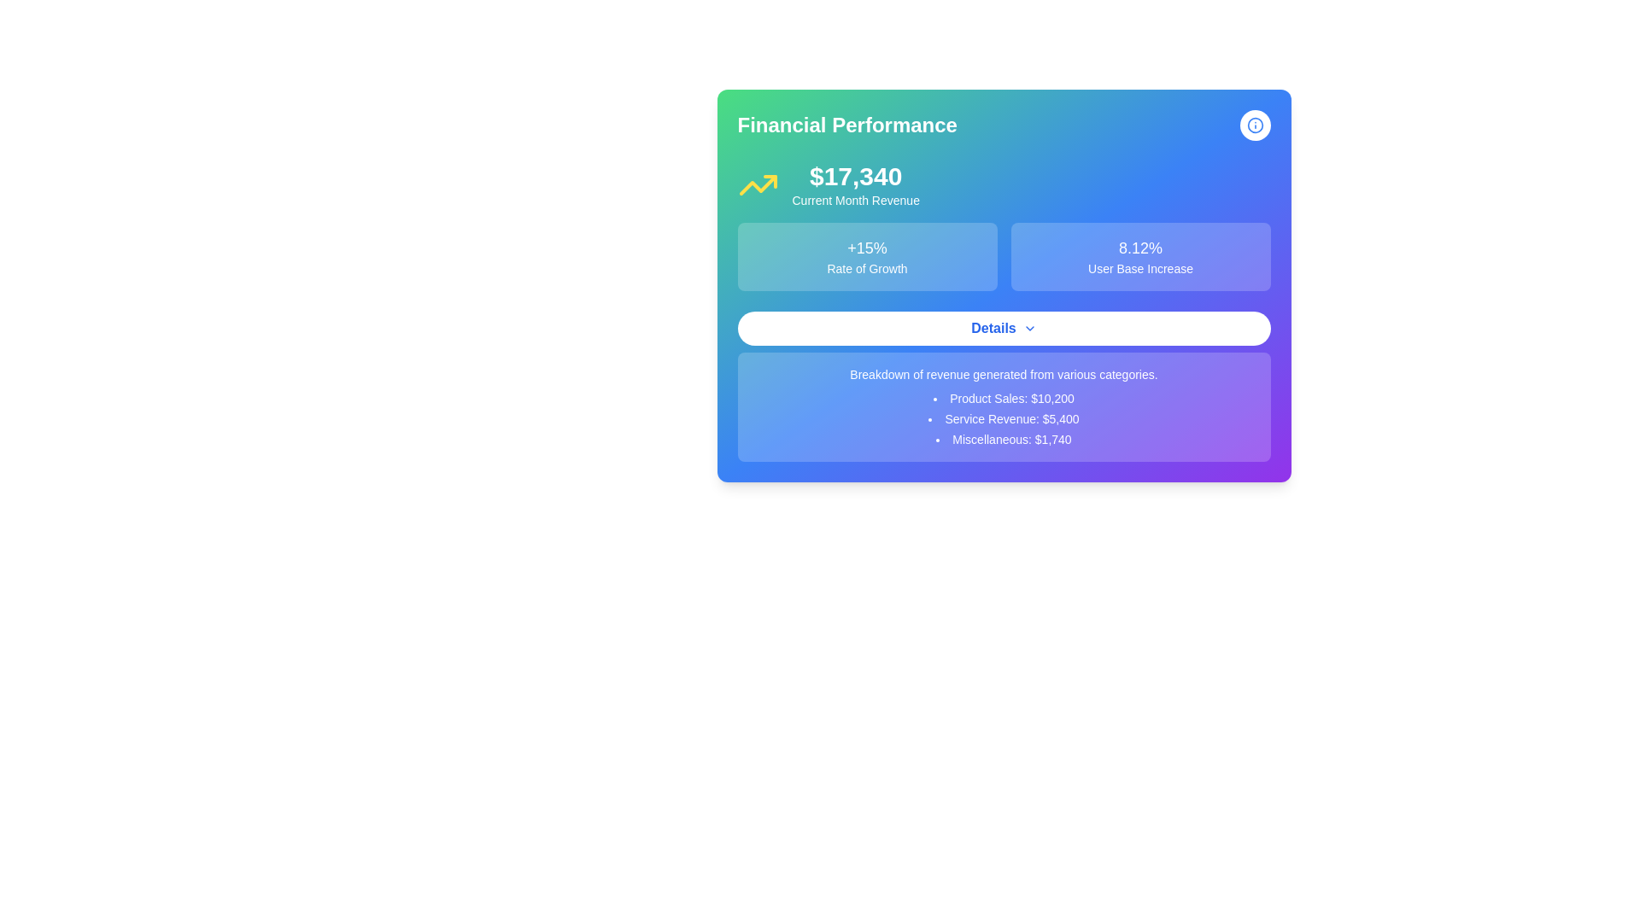  Describe the element at coordinates (1004, 418) in the screenshot. I see `the text label that reads 'Service Revenue: $5,400', which is the second item in a vertically stacked list within a panel` at that location.